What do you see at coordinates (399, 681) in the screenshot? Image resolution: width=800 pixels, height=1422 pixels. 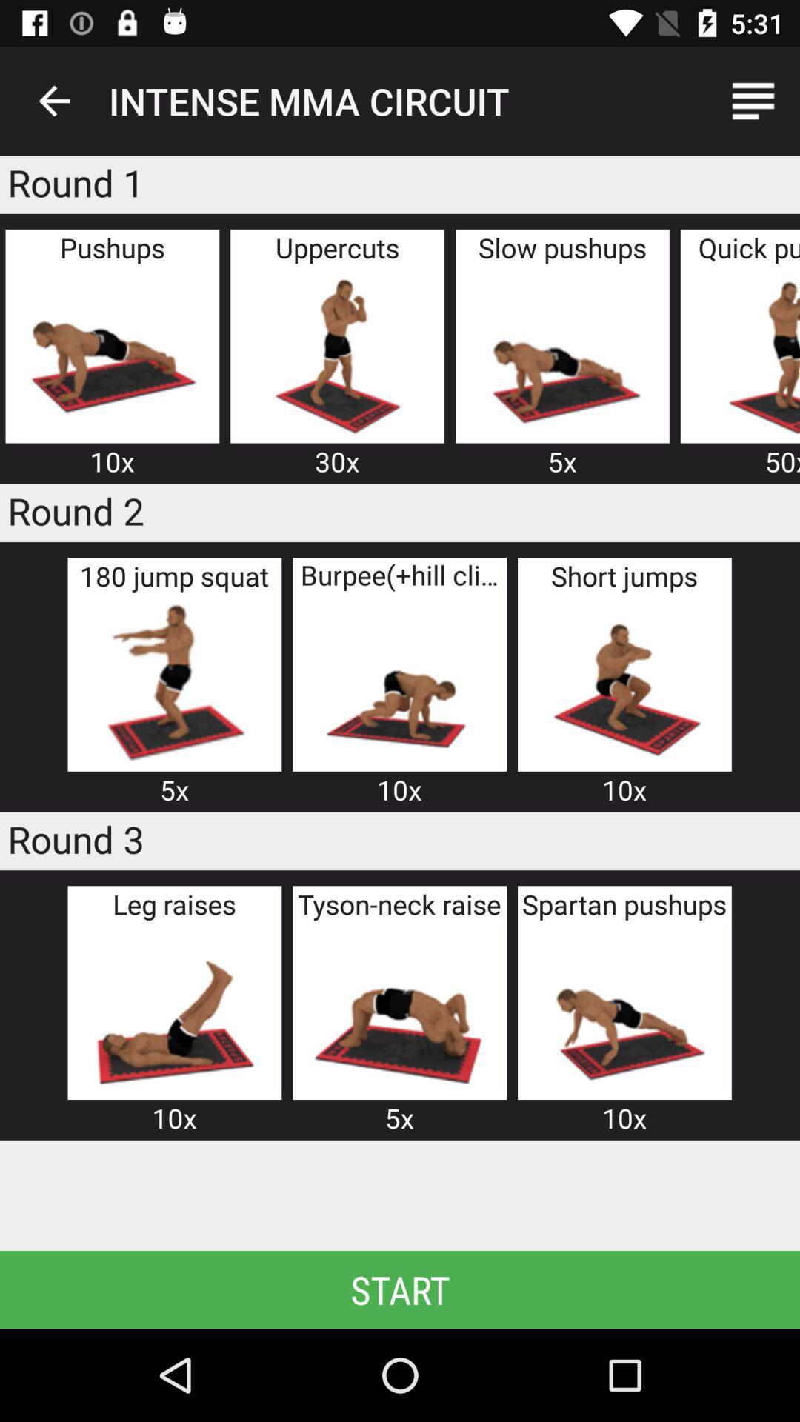 I see `open` at bounding box center [399, 681].